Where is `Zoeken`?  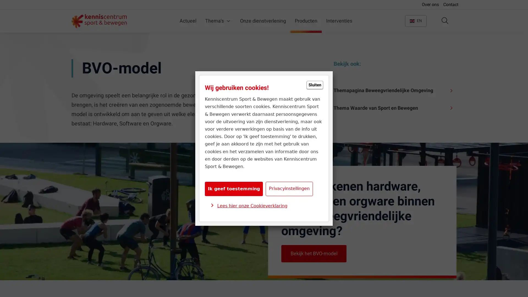 Zoeken is located at coordinates (445, 21).